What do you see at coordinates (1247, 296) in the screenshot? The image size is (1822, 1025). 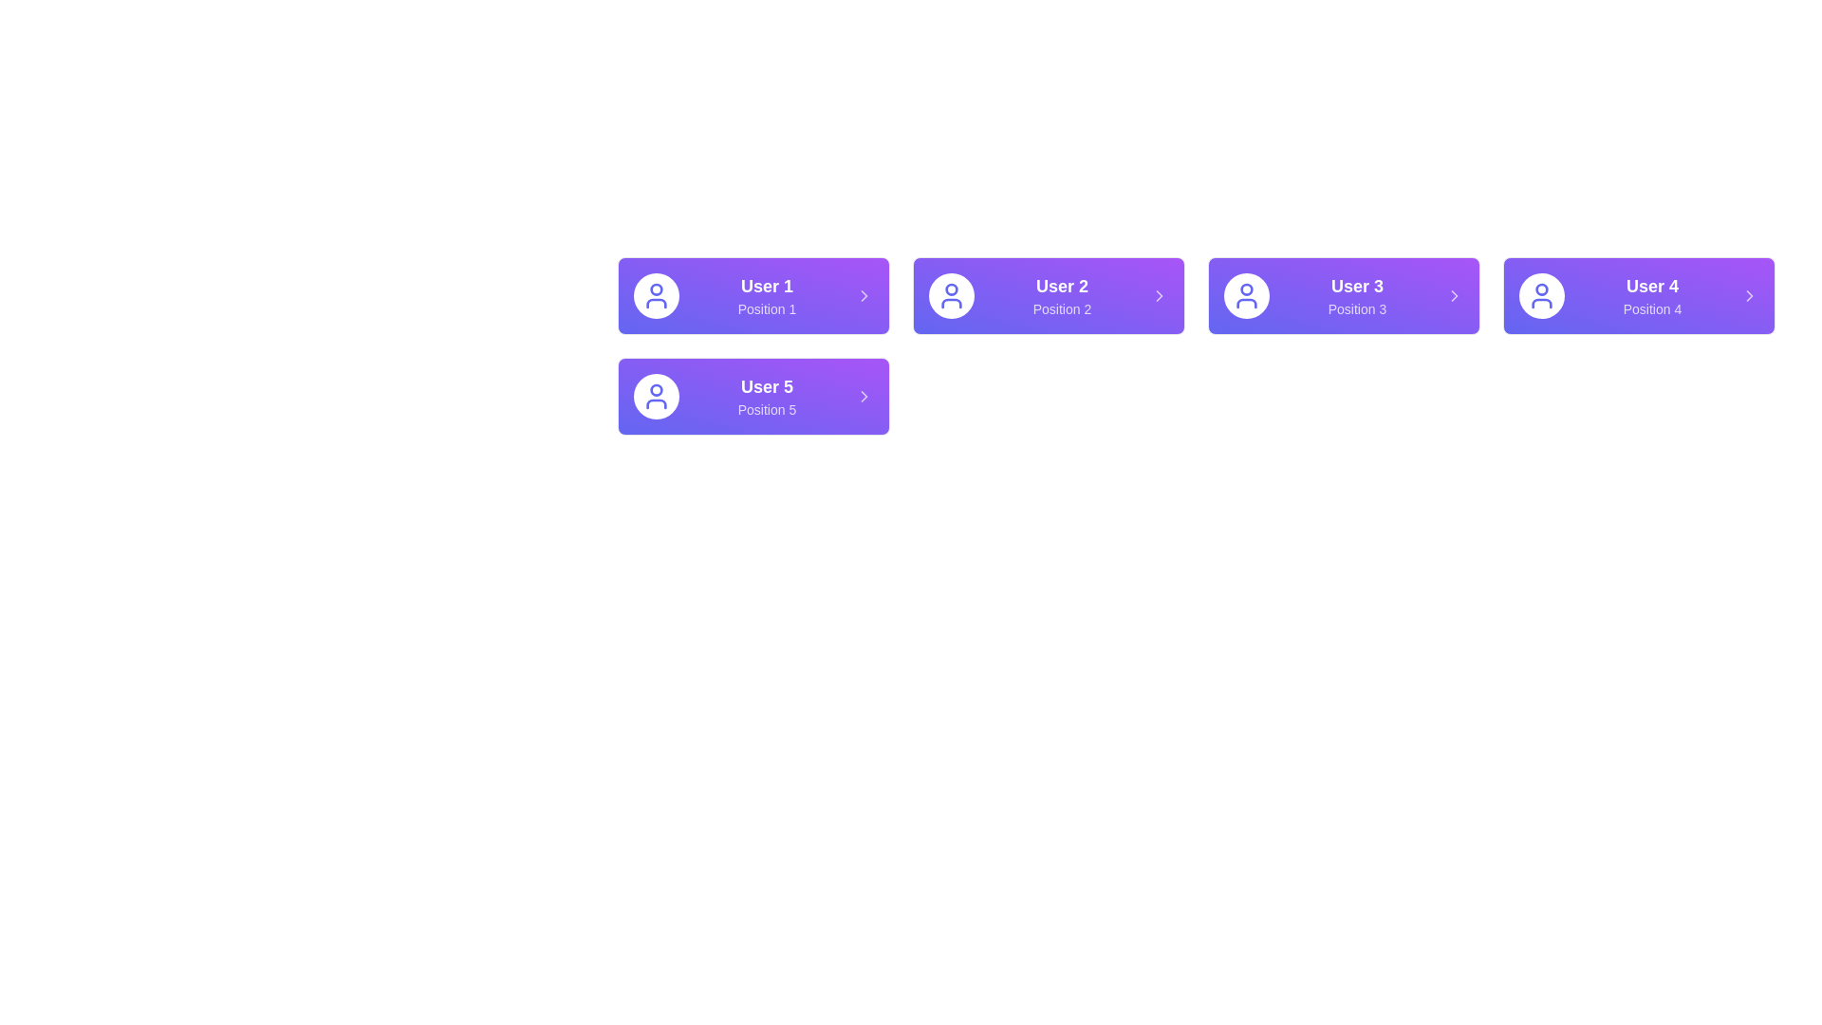 I see `the circular user profile icon (avatar) outlined in indigo, located to the left of the text 'User 3 Position 3' on the card` at bounding box center [1247, 296].